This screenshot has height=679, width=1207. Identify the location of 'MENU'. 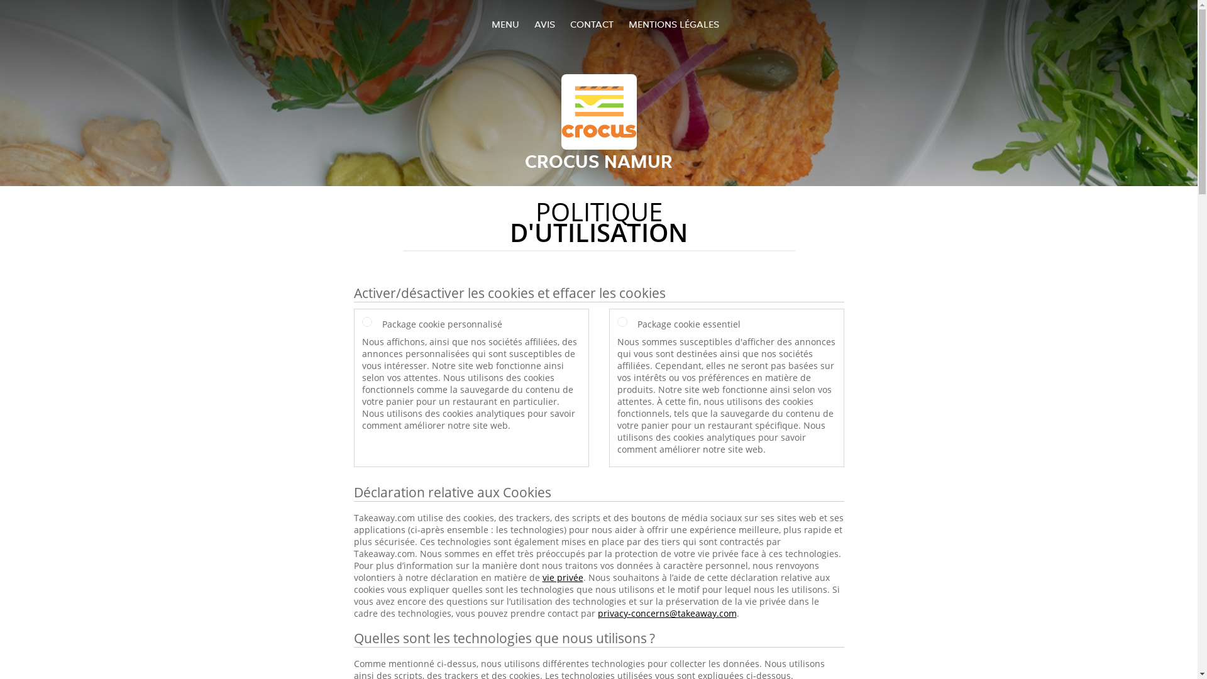
(505, 24).